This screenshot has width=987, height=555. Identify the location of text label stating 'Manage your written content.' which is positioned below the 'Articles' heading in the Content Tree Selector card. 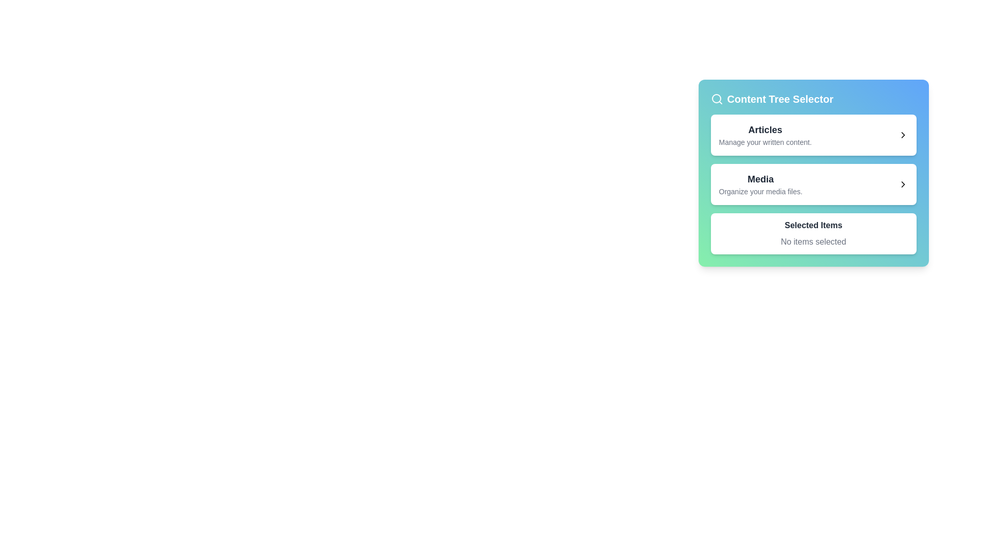
(765, 142).